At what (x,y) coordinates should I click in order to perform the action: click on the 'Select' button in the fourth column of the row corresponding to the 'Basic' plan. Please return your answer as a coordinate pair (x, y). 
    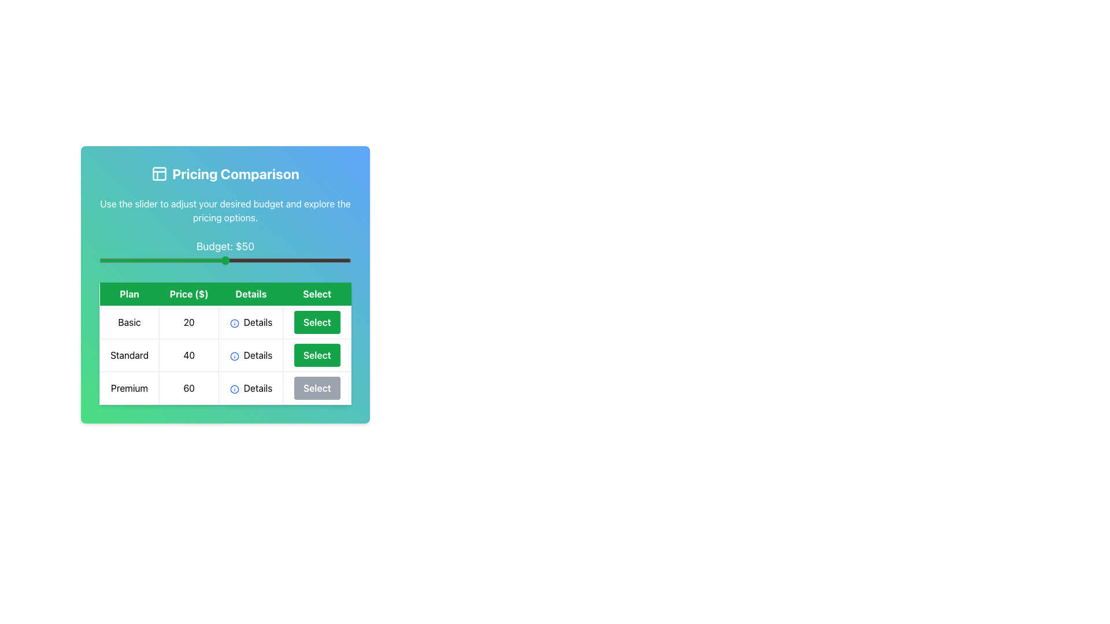
    Looking at the image, I should click on (317, 322).